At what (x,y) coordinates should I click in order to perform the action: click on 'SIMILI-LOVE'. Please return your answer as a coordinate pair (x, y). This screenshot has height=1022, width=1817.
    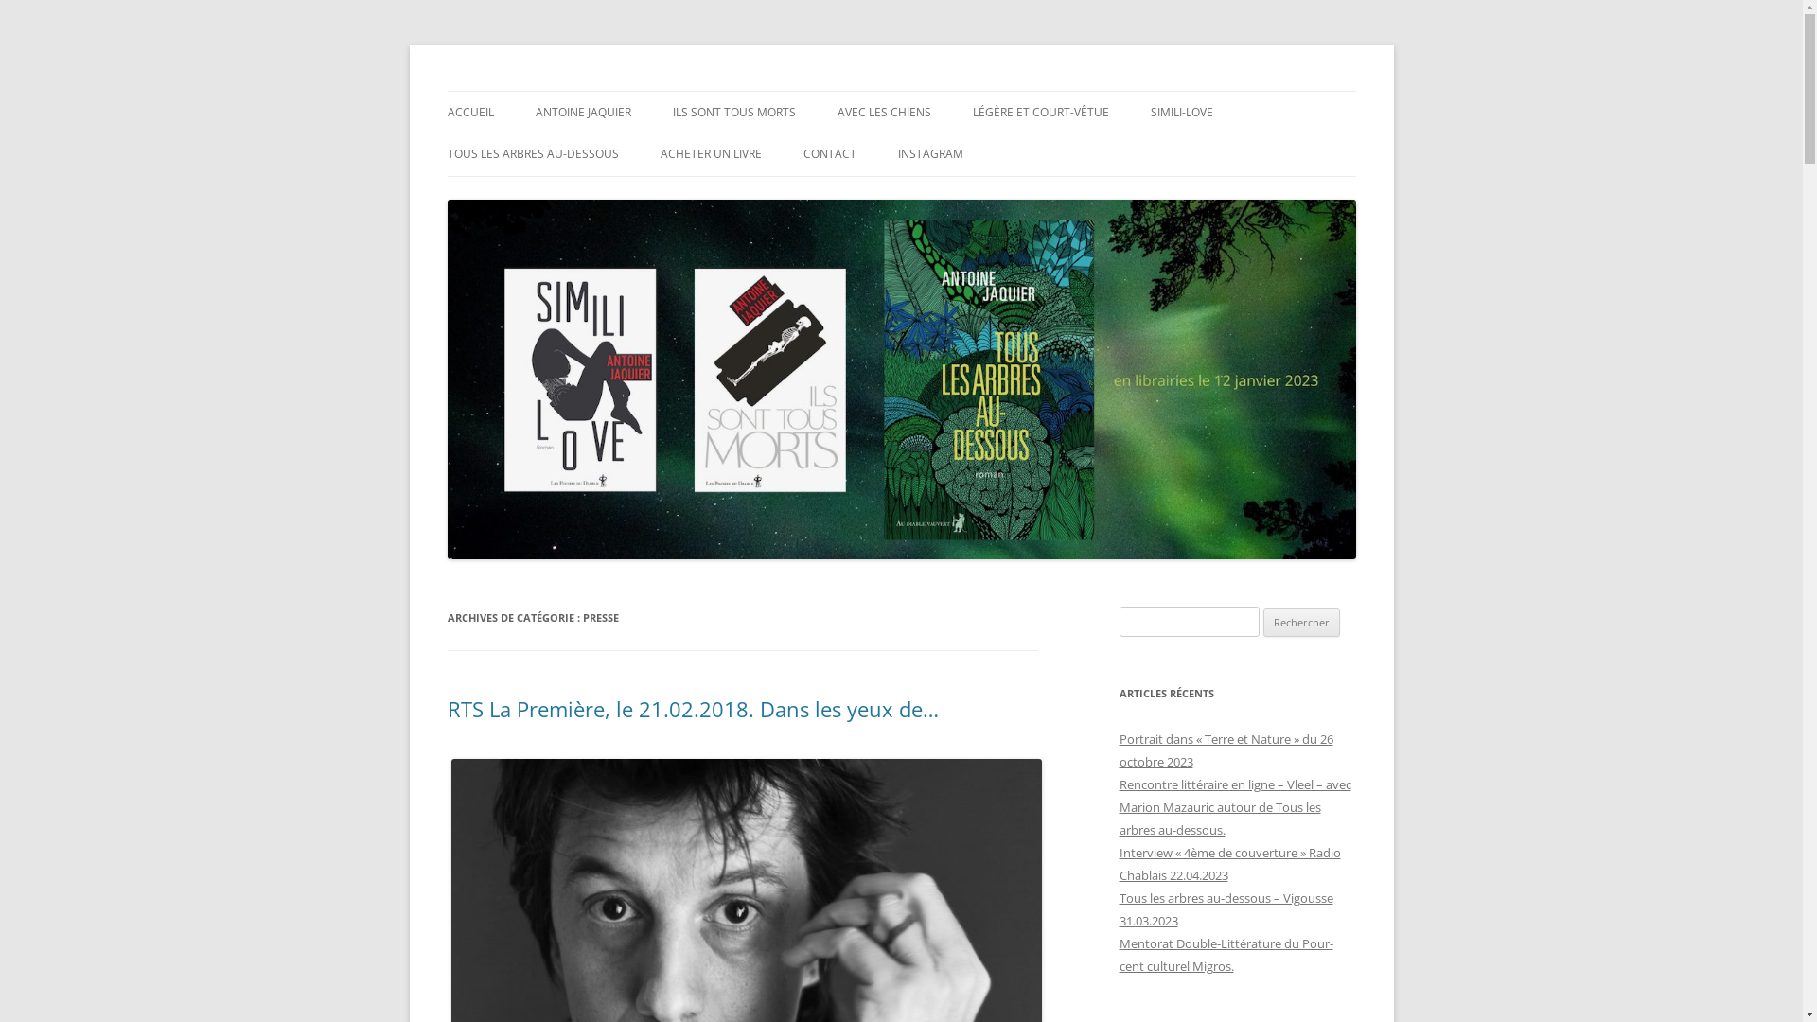
    Looking at the image, I should click on (1149, 113).